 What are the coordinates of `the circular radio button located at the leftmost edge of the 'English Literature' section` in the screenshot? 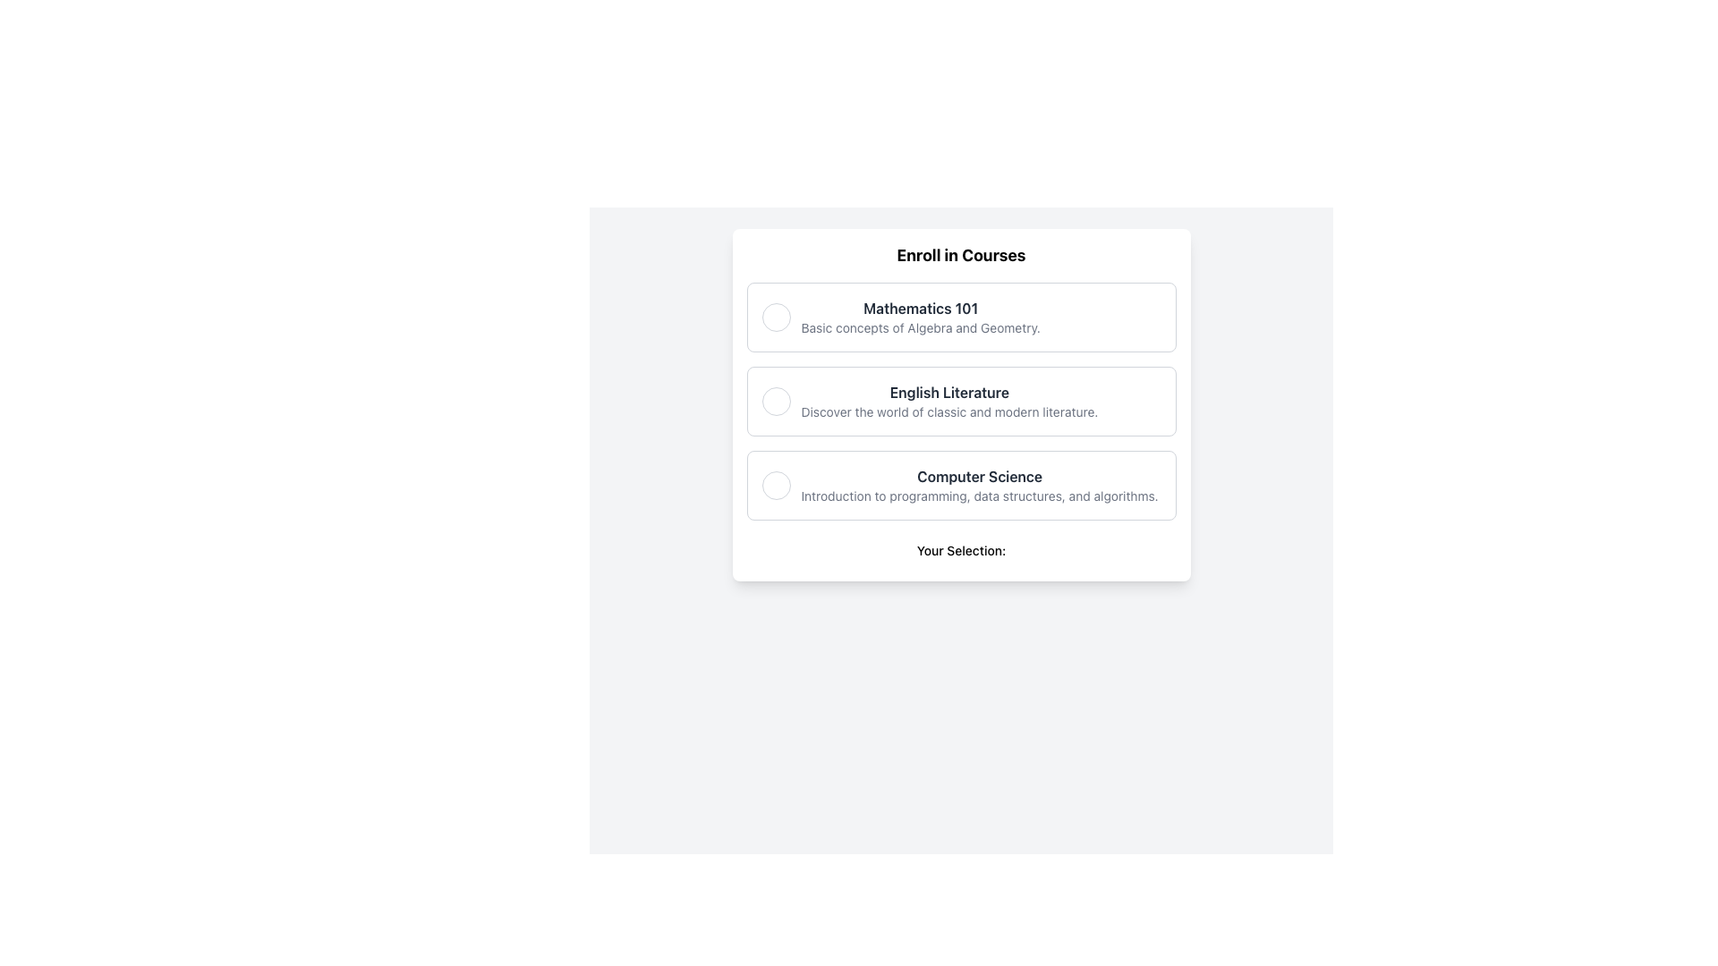 It's located at (776, 400).